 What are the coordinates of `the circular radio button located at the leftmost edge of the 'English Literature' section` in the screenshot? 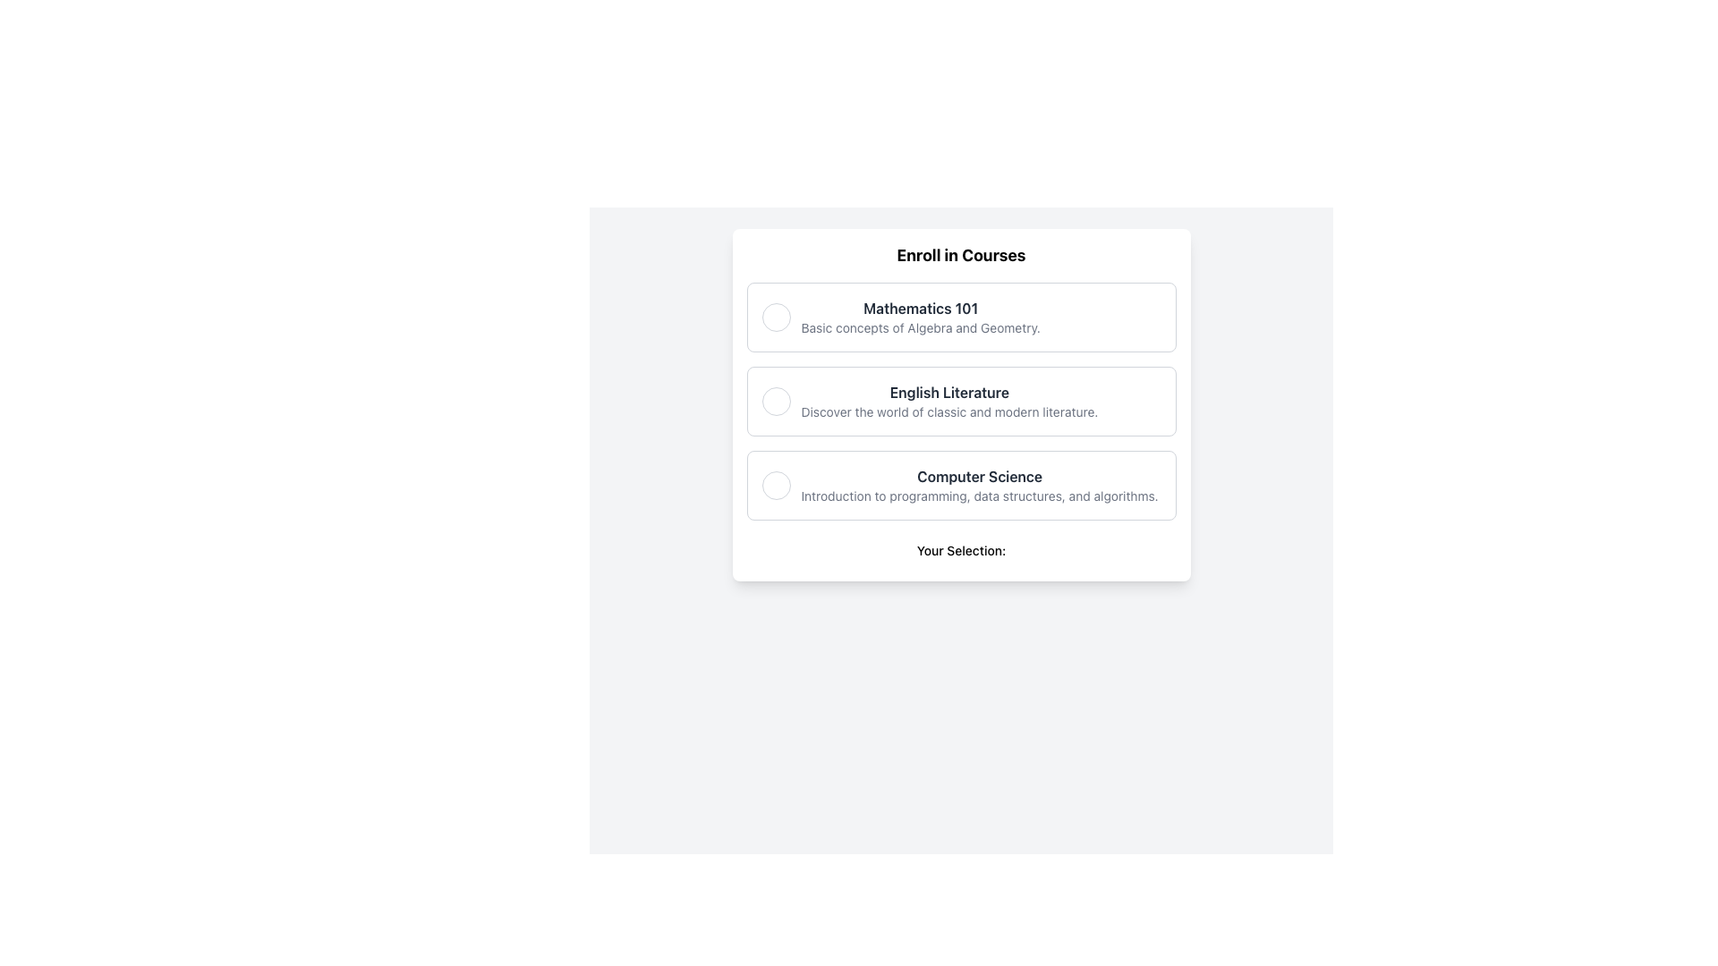 It's located at (776, 400).